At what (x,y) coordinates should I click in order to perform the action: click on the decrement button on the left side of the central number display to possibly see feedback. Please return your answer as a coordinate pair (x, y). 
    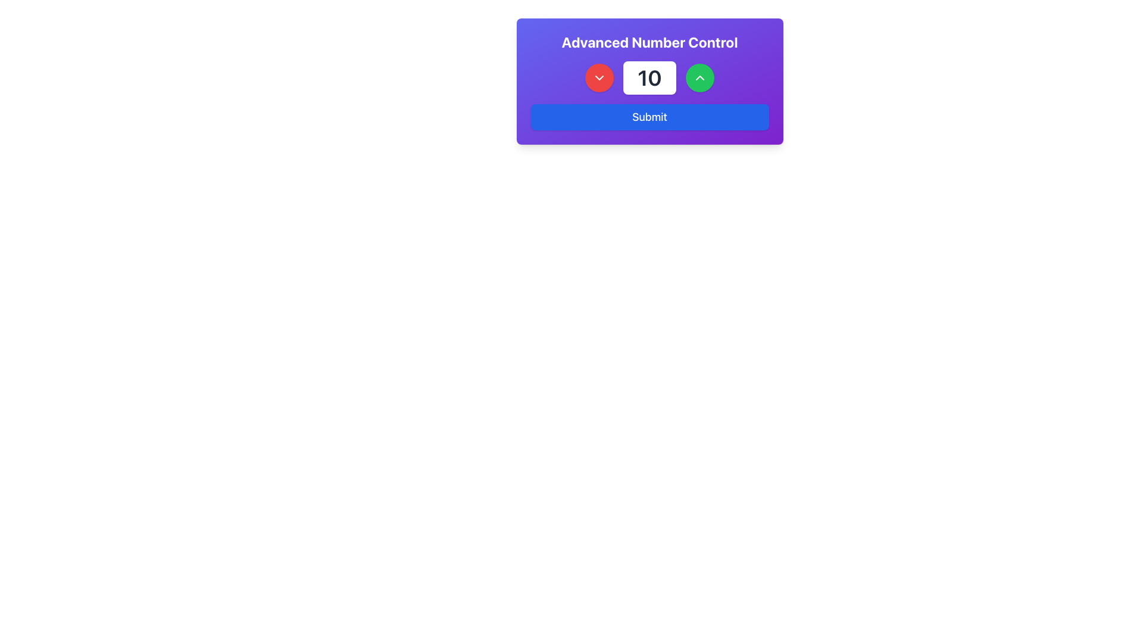
    Looking at the image, I should click on (599, 78).